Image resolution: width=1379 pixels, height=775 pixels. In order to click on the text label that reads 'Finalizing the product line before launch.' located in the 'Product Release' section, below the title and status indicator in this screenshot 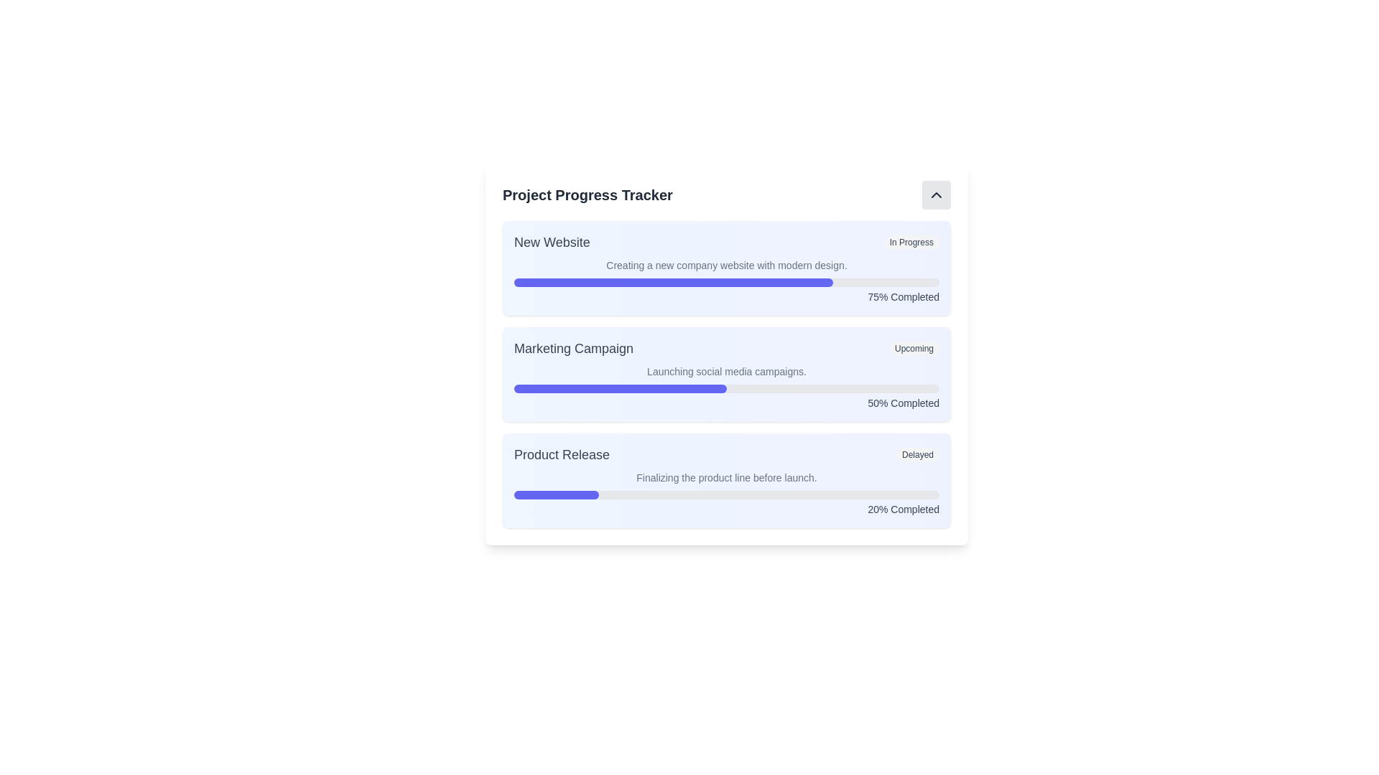, I will do `click(727, 478)`.